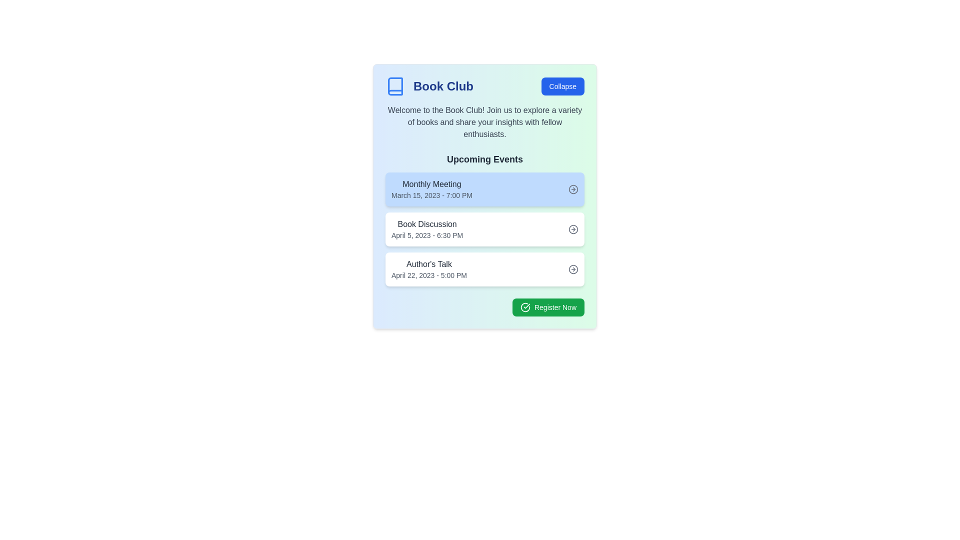  What do you see at coordinates (429, 269) in the screenshot?
I see `text label that informs users about the upcoming event titled 'Author's Talk' located in the third section under 'Upcoming Events' in the central panel` at bounding box center [429, 269].